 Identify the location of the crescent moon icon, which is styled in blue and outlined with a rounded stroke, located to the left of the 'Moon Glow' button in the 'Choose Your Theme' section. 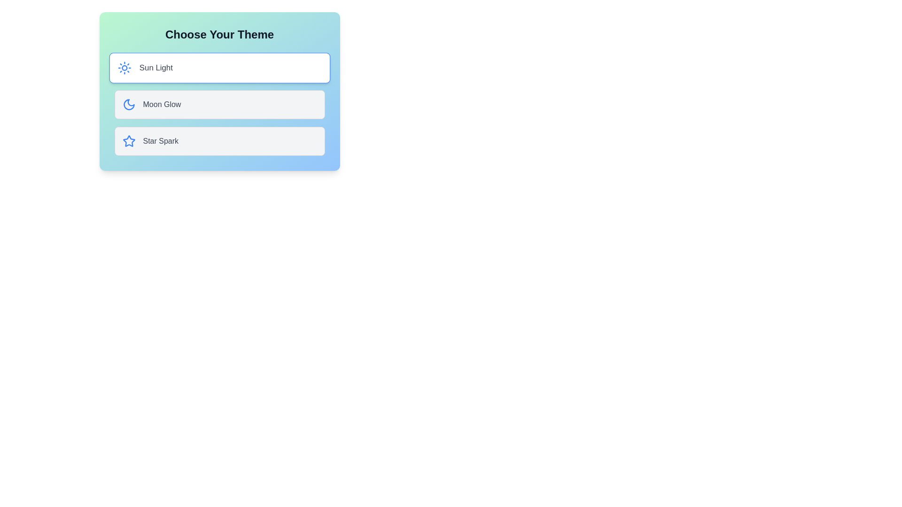
(128, 105).